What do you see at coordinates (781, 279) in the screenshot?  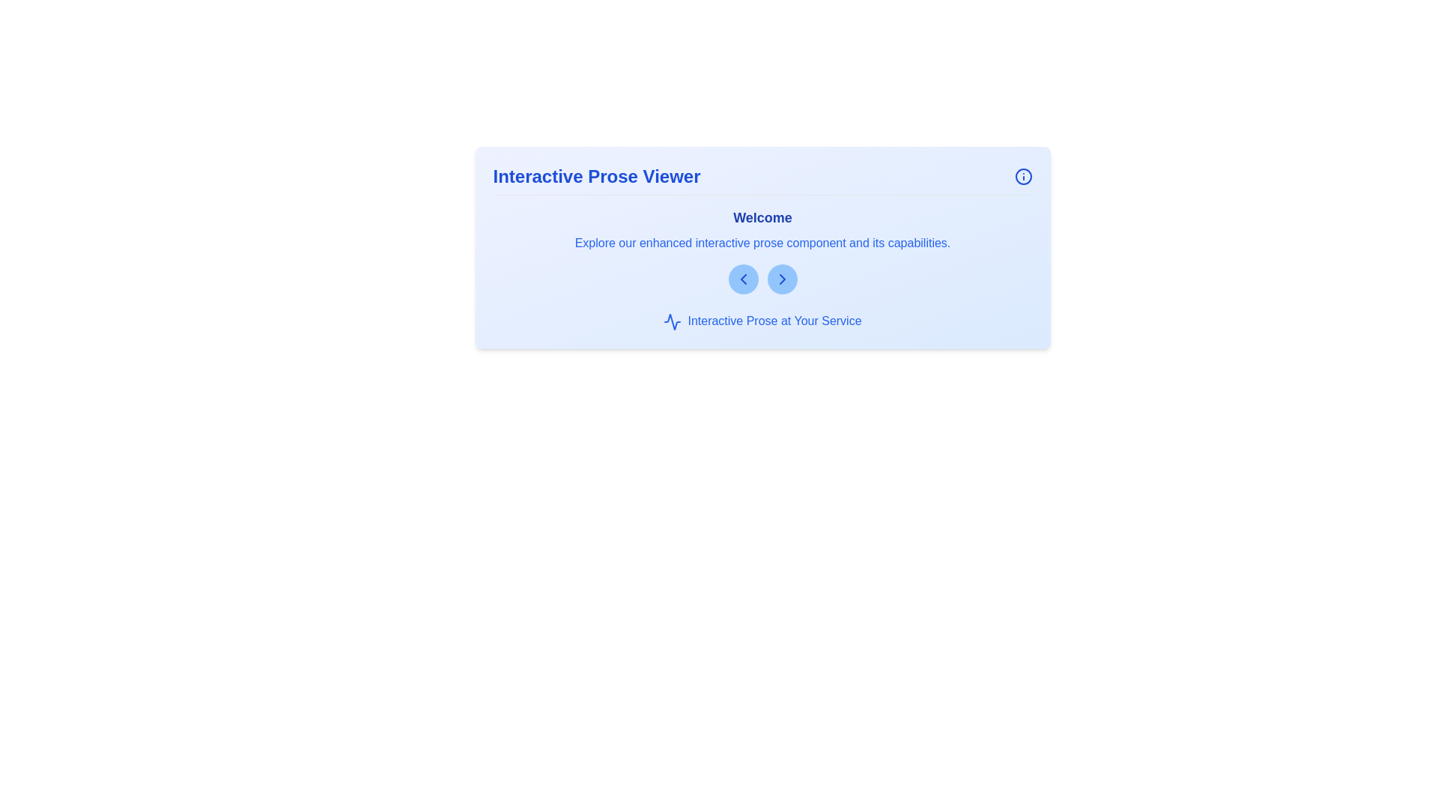 I see `the forward navigation button icon with a blue background to proceed to the next item or page` at bounding box center [781, 279].